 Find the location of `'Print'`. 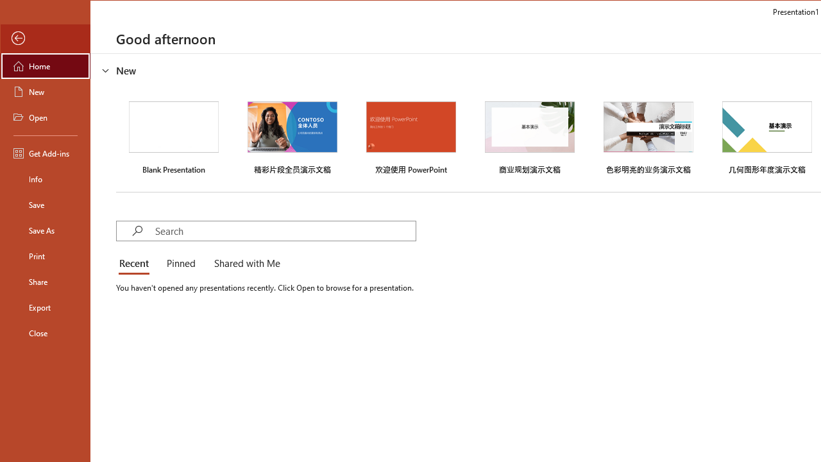

'Print' is located at coordinates (46, 255).